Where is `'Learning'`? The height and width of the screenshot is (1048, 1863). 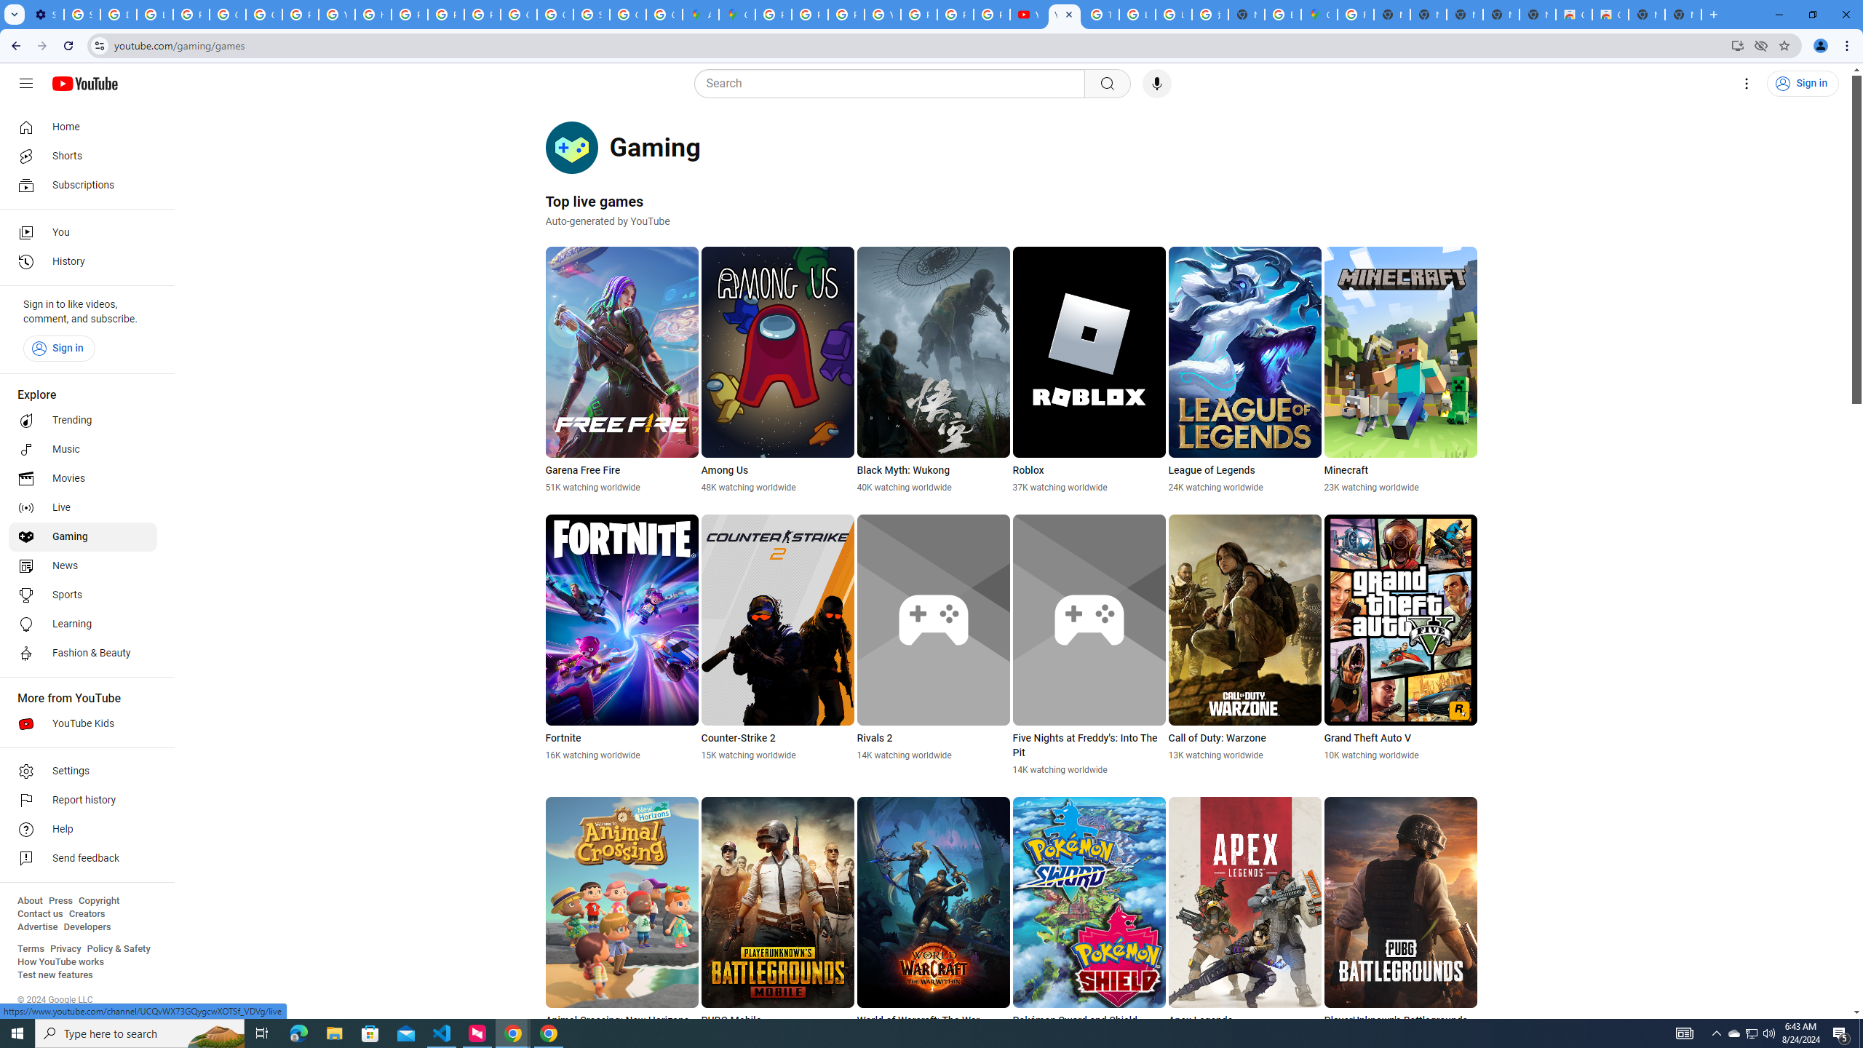 'Learning' is located at coordinates (82, 624).